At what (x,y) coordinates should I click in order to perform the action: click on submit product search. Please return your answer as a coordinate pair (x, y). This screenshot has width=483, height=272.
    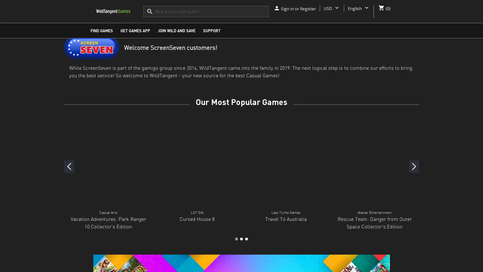
    Looking at the image, I should click on (147, 11).